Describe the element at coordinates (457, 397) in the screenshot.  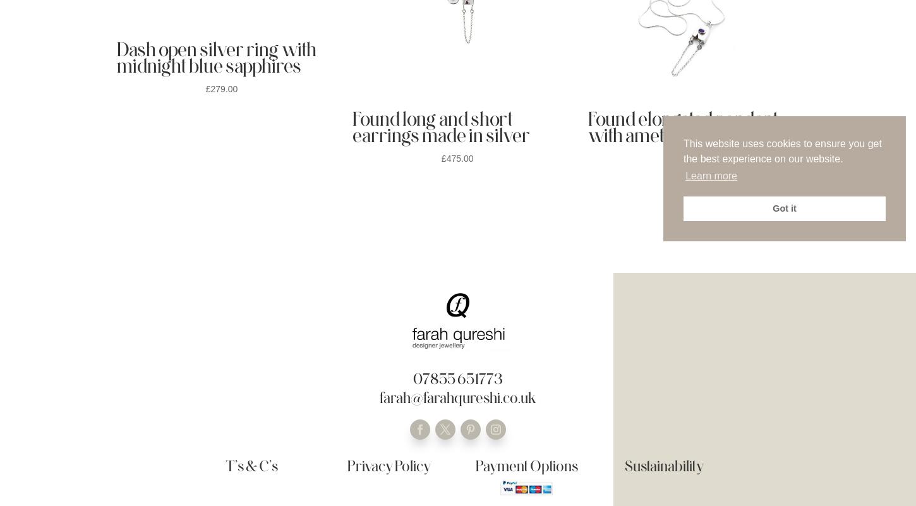
I see `'farah@farahqureshi.co.uk'` at that location.